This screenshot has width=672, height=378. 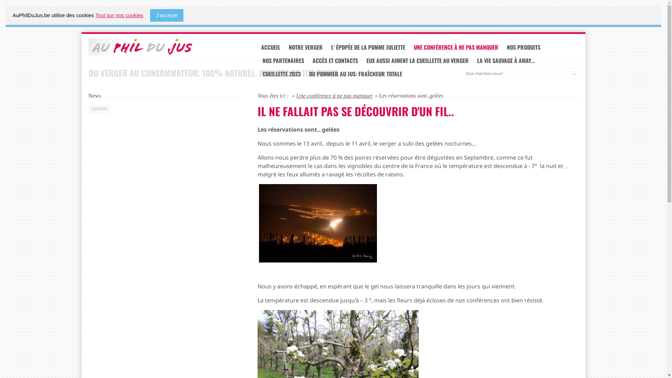 What do you see at coordinates (523, 47) in the screenshot?
I see `'NOS PRODUITS'` at bounding box center [523, 47].